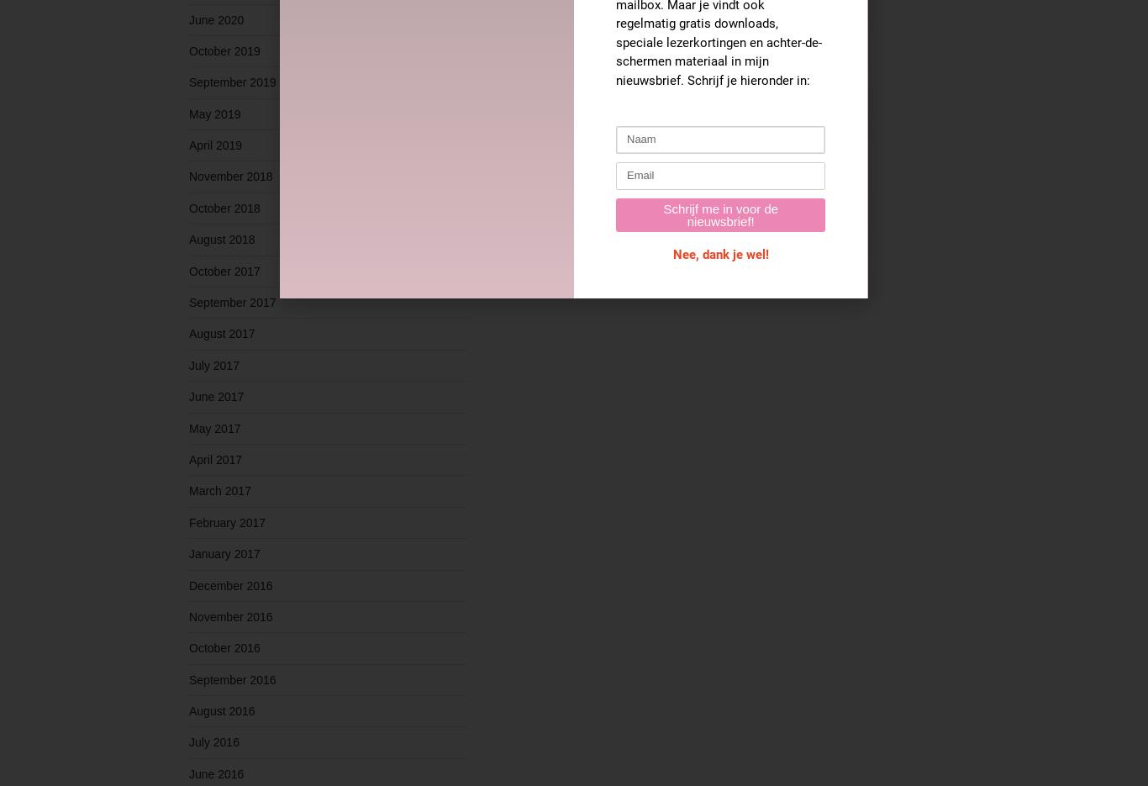 The height and width of the screenshot is (786, 1148). I want to click on 'July 2017', so click(213, 364).